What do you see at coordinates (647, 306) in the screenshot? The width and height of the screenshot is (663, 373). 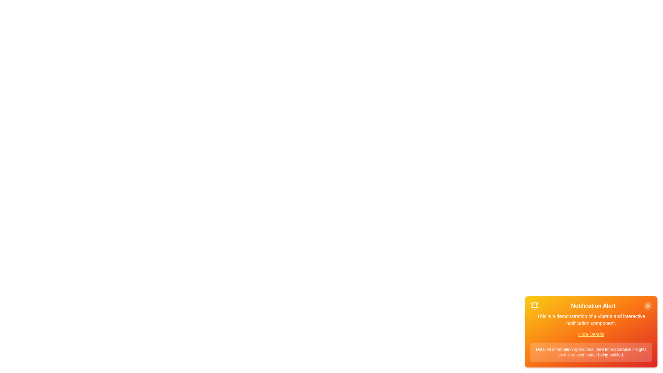 I see `close button on the notification hub to hide it` at bounding box center [647, 306].